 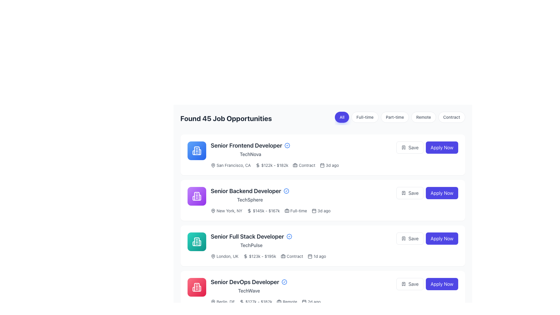 What do you see at coordinates (213, 211) in the screenshot?
I see `the map pin icon representing geolocation for the job listing associated with 'New York, NY', which is positioned in the second job entry from the top` at bounding box center [213, 211].